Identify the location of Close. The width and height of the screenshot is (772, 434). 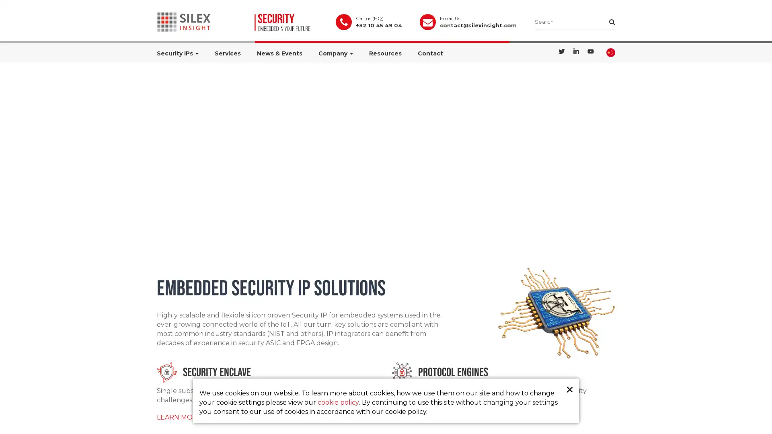
(569, 389).